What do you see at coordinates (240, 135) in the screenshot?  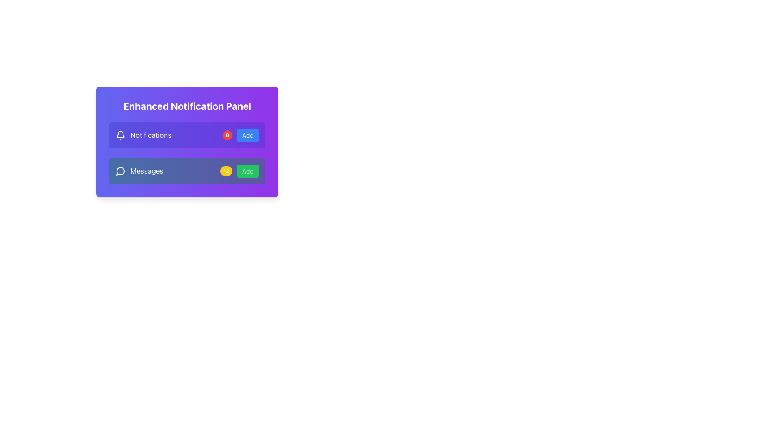 I see `the Interactive Button Group, which consists of a red badge with the number '8' and a blue 'Add' button, located on the right side of the Notifications row` at bounding box center [240, 135].